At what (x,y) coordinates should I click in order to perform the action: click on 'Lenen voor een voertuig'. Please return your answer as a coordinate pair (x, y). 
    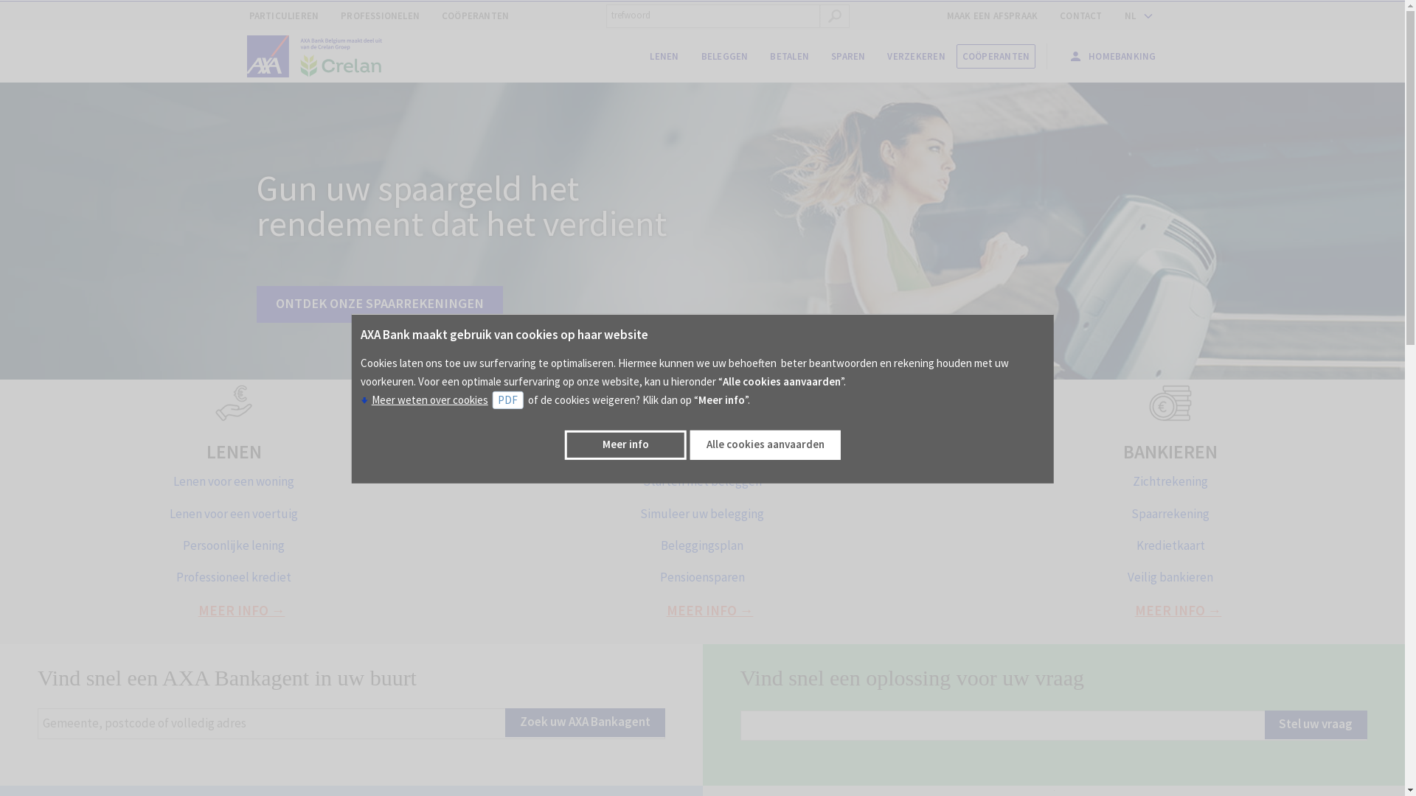
    Looking at the image, I should click on (232, 513).